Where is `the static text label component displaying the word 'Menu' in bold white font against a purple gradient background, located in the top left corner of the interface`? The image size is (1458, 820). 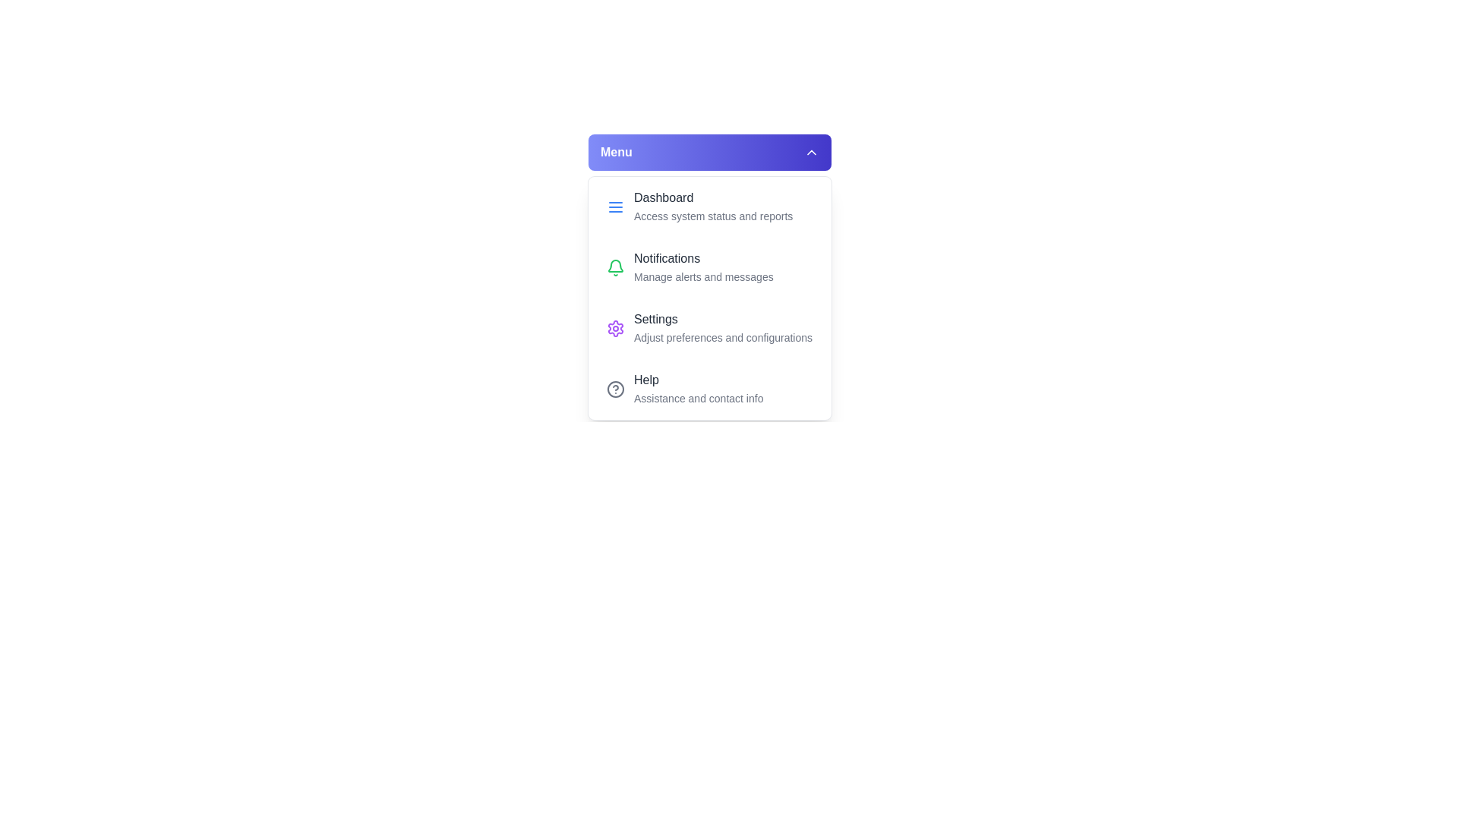 the static text label component displaying the word 'Menu' in bold white font against a purple gradient background, located in the top left corner of the interface is located at coordinates (616, 152).